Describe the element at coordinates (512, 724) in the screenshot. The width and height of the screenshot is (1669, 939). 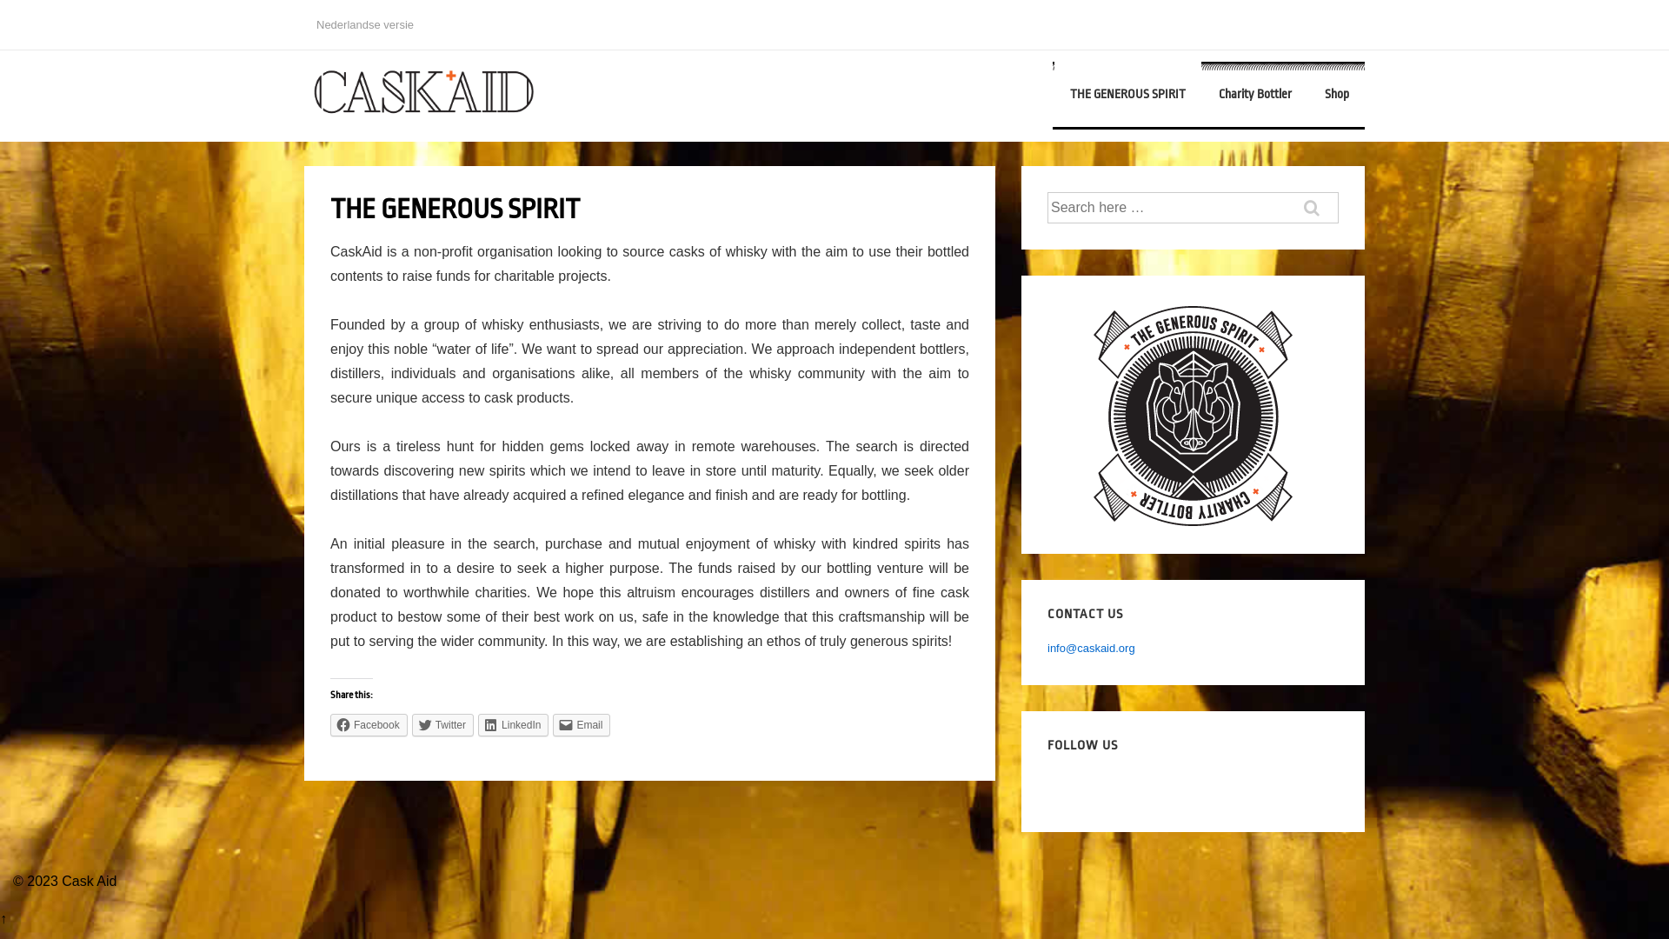
I see `'LinkedIn'` at that location.